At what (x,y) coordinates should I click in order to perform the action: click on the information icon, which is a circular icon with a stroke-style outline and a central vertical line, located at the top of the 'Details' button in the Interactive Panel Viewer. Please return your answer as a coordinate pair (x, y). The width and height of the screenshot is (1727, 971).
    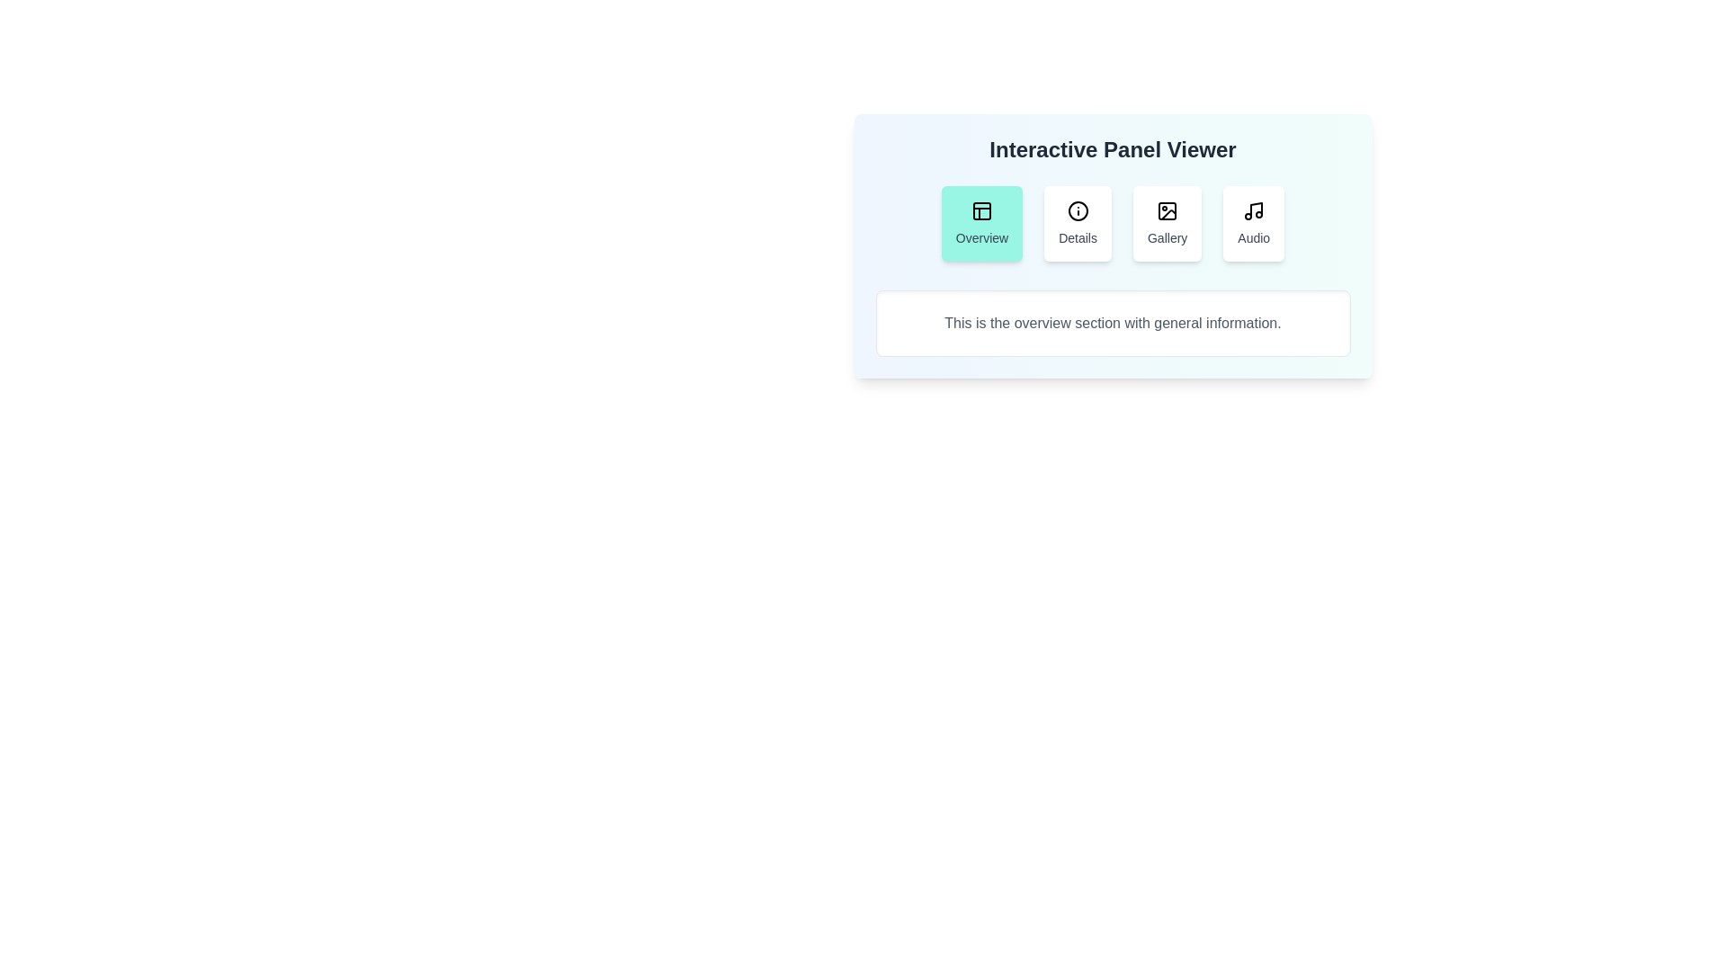
    Looking at the image, I should click on (1078, 210).